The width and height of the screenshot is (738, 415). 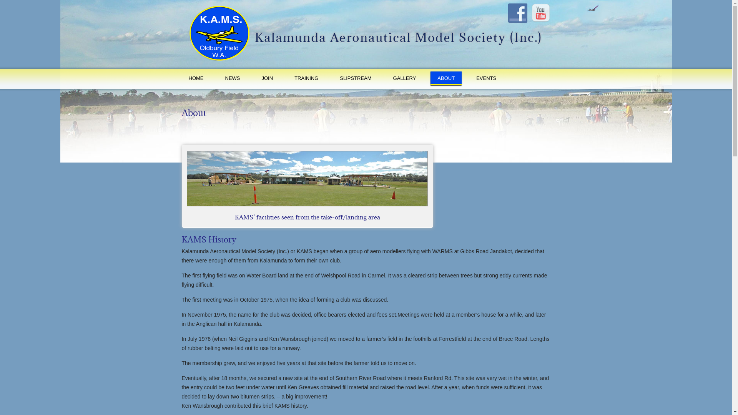 What do you see at coordinates (196, 78) in the screenshot?
I see `'HOME'` at bounding box center [196, 78].